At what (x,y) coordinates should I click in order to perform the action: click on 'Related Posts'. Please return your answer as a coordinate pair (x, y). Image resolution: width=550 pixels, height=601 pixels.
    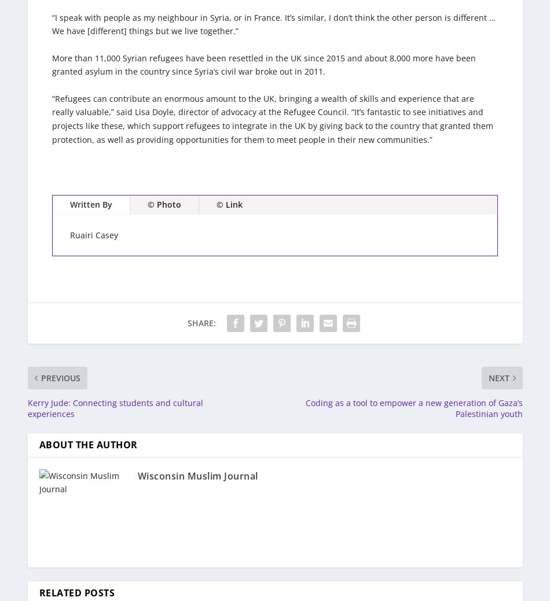
    Looking at the image, I should click on (76, 592).